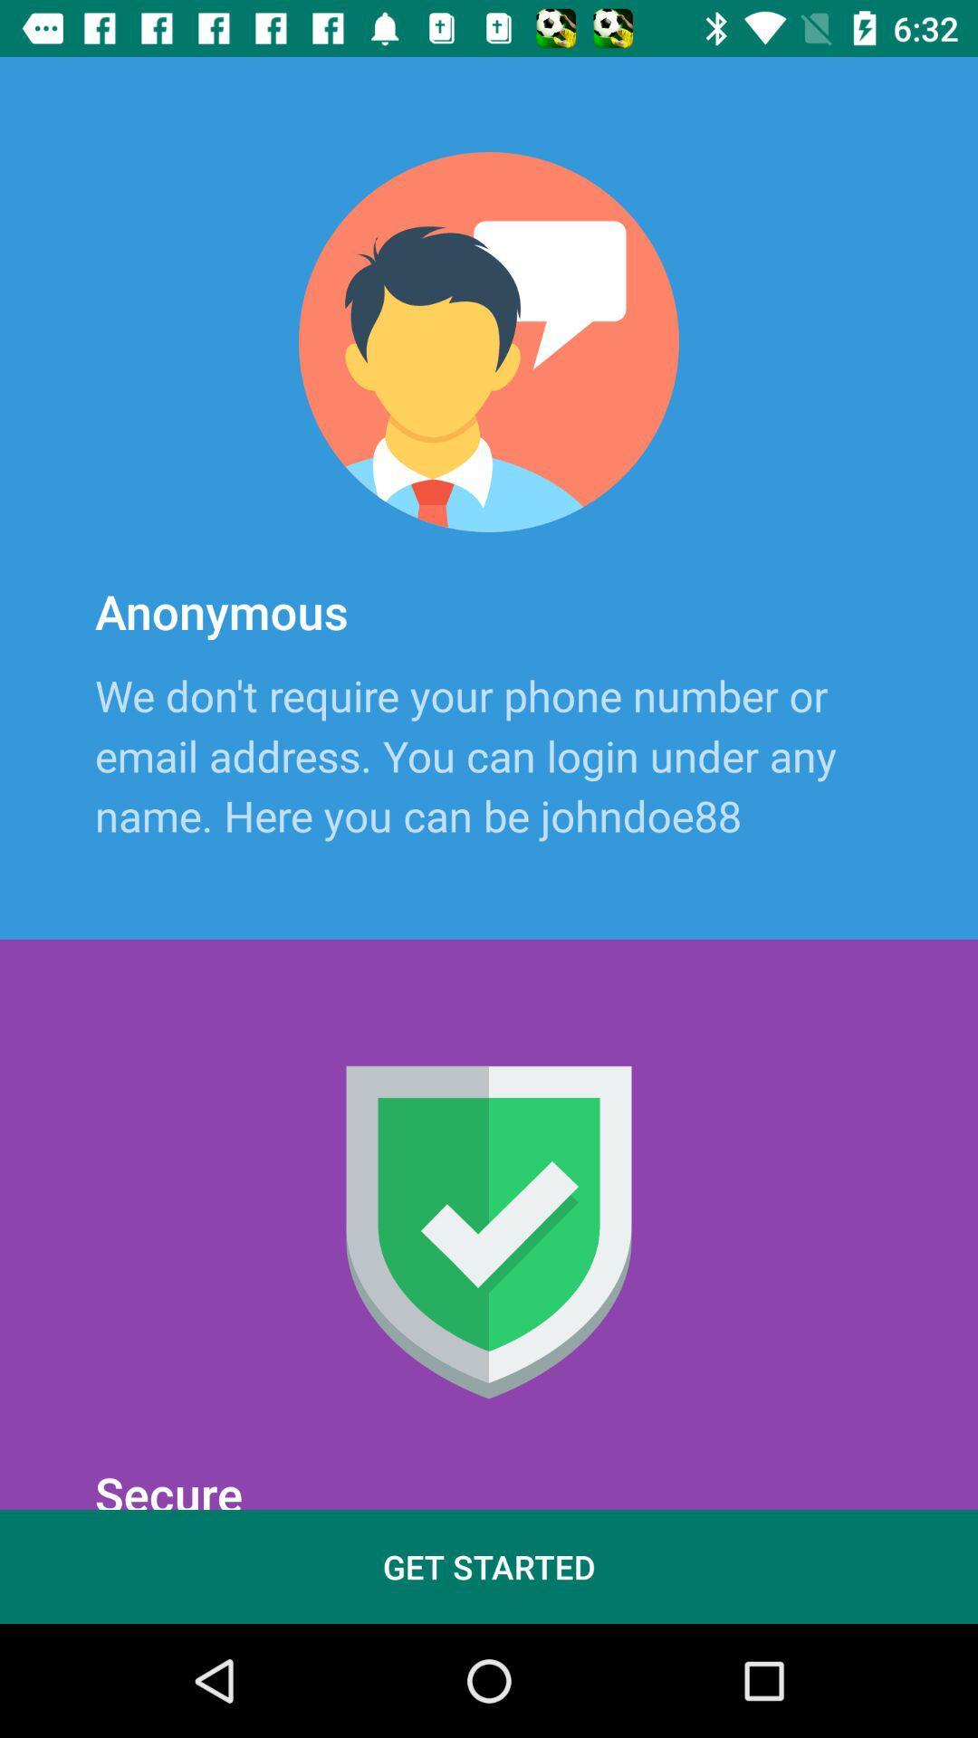  I want to click on item below the secure, so click(489, 1566).